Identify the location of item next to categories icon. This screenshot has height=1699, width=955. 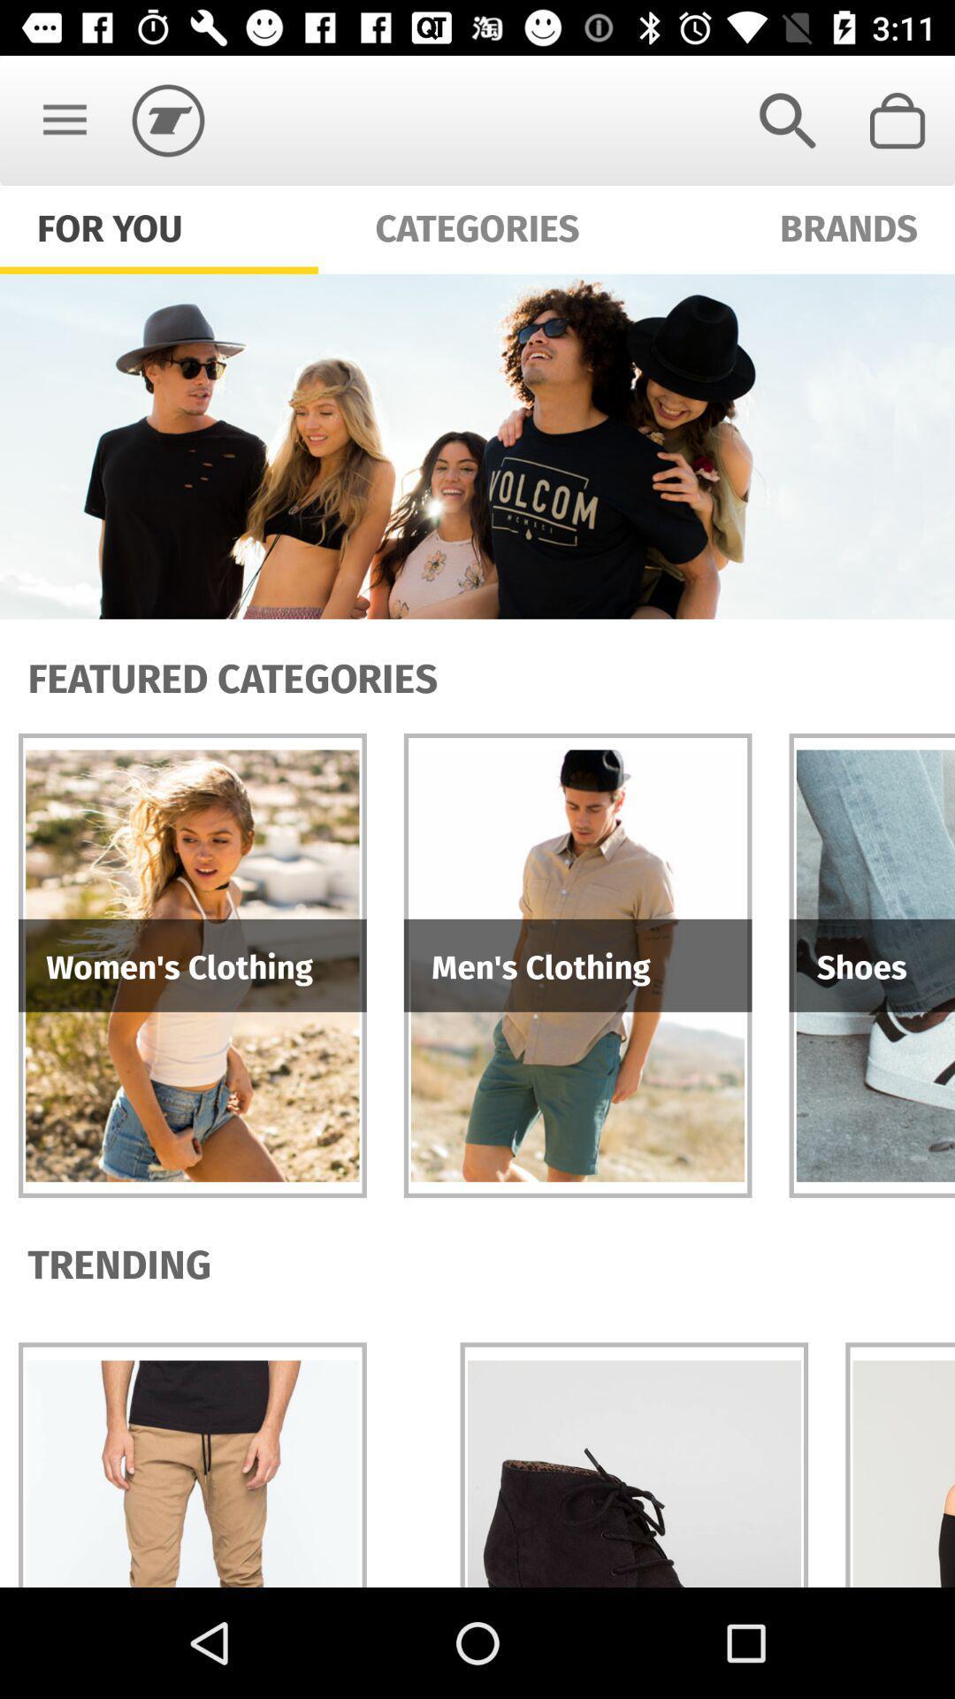
(787, 119).